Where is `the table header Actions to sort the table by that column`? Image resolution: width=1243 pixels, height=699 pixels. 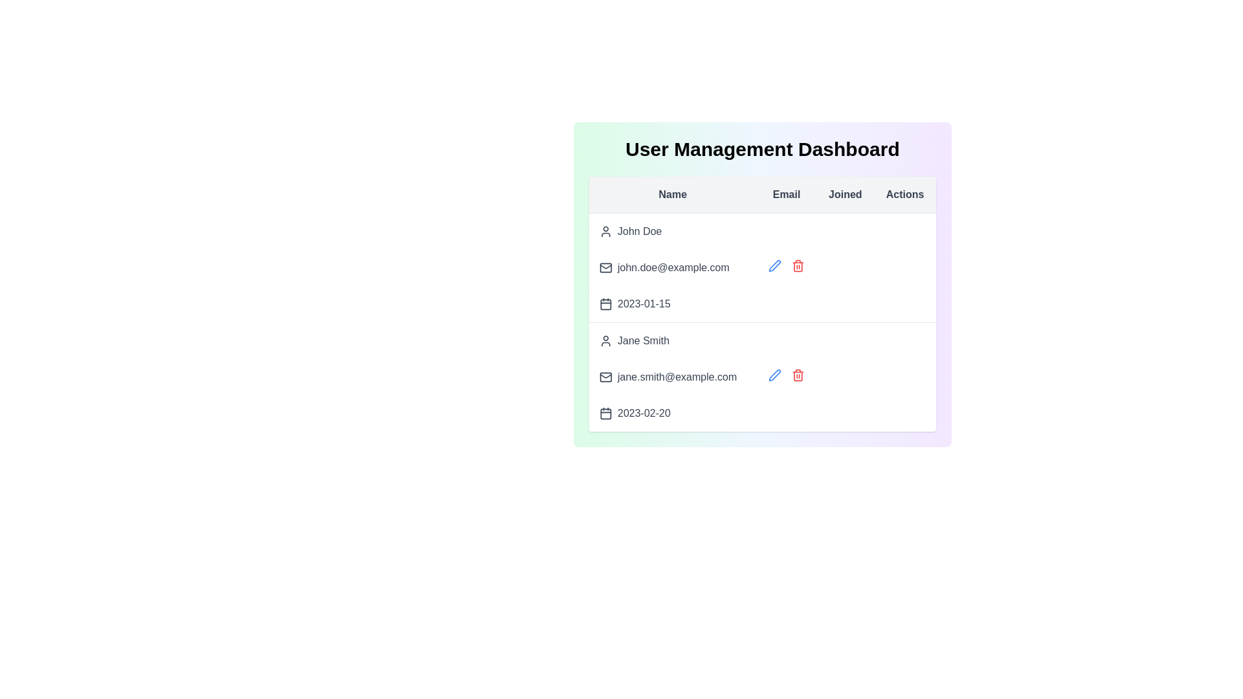
the table header Actions to sort the table by that column is located at coordinates (904, 194).